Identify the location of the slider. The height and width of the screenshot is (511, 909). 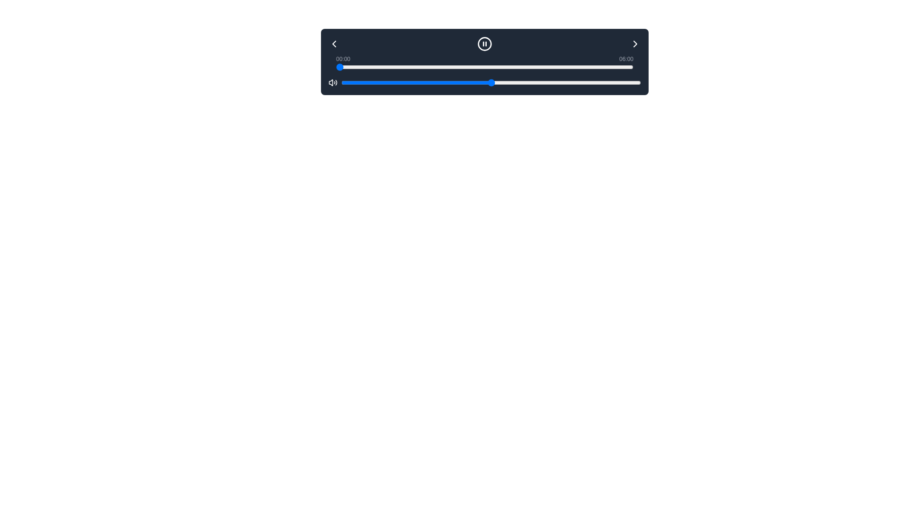
(419, 82).